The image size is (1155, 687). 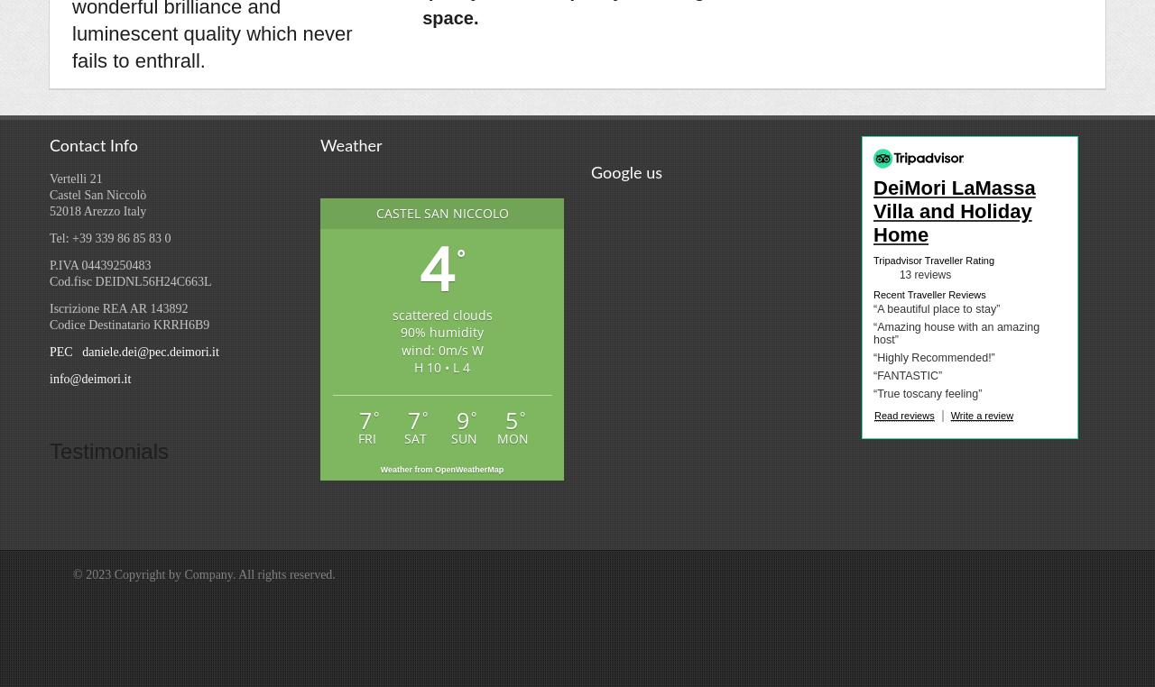 What do you see at coordinates (907, 373) in the screenshot?
I see `'“FANTASTIC”'` at bounding box center [907, 373].